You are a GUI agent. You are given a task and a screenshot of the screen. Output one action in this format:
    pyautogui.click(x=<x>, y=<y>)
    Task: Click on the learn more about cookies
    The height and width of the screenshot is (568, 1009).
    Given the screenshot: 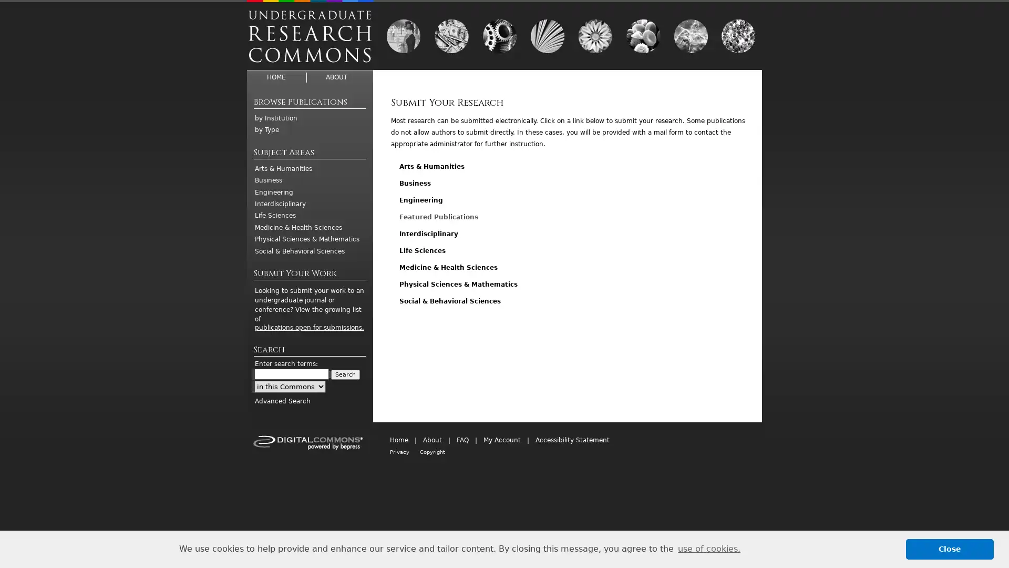 What is the action you would take?
    pyautogui.click(x=708, y=549)
    